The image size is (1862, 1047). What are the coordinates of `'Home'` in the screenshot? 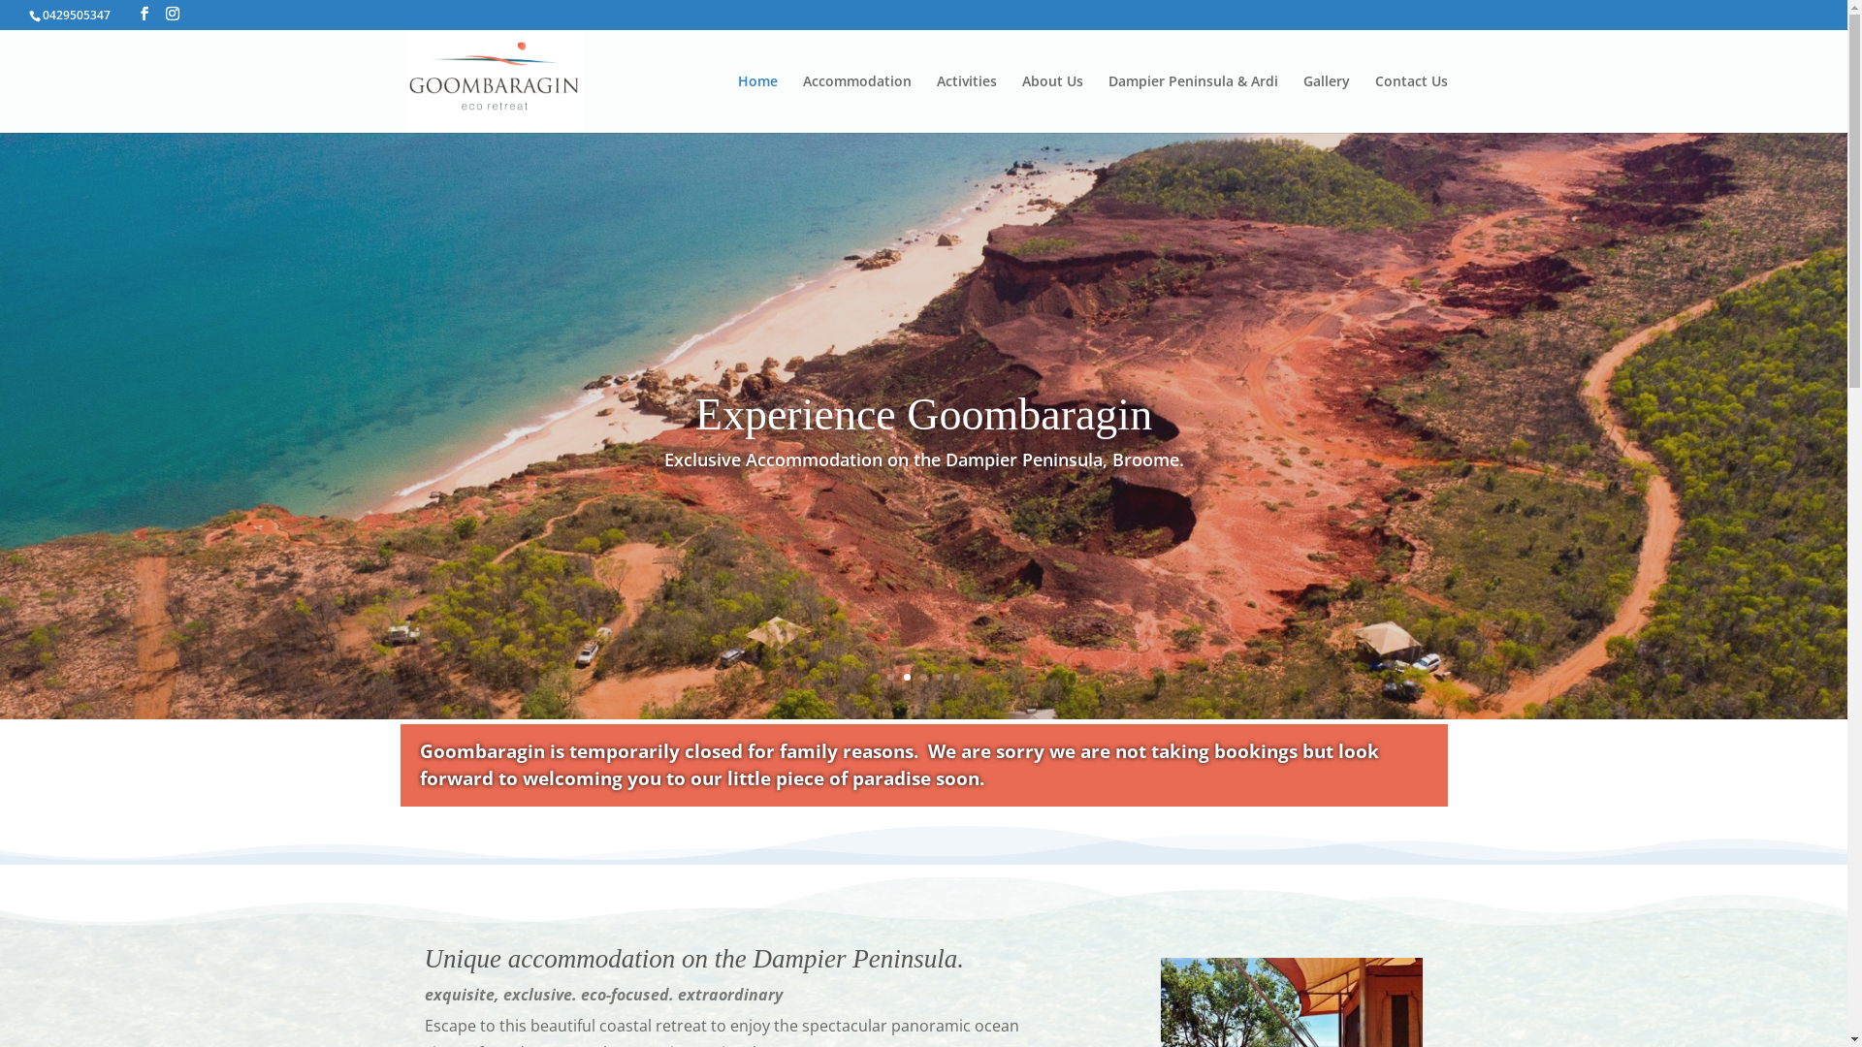 It's located at (755, 104).